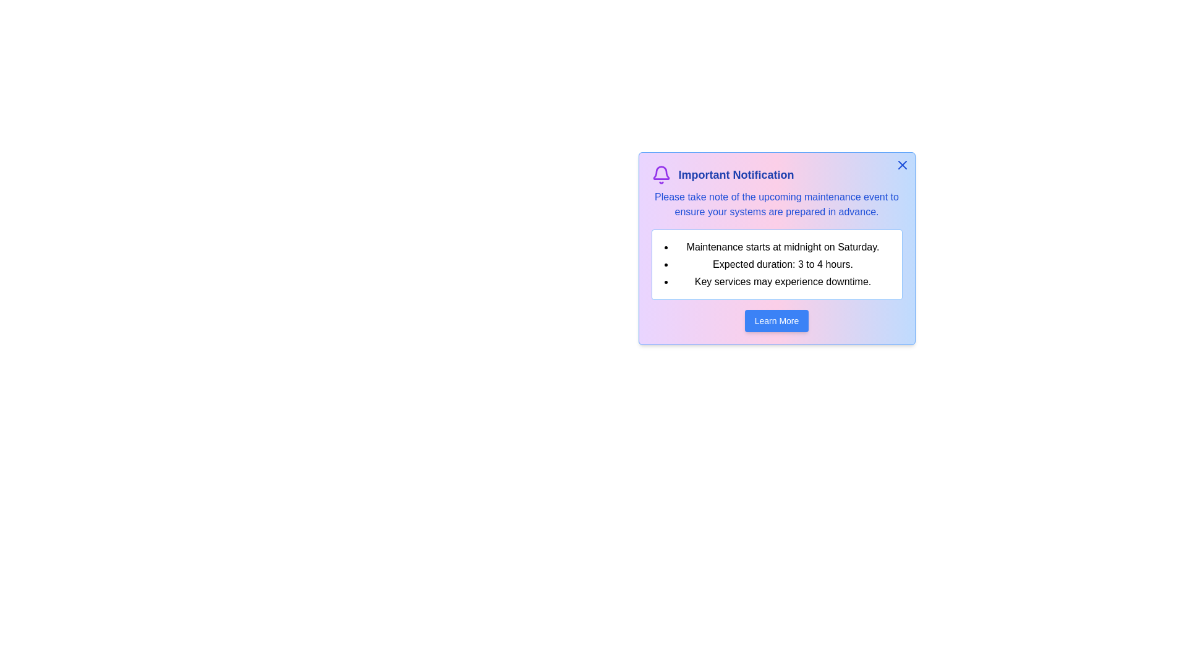 The image size is (1187, 668). What do you see at coordinates (902, 164) in the screenshot?
I see `the dismiss button to close the alert` at bounding box center [902, 164].